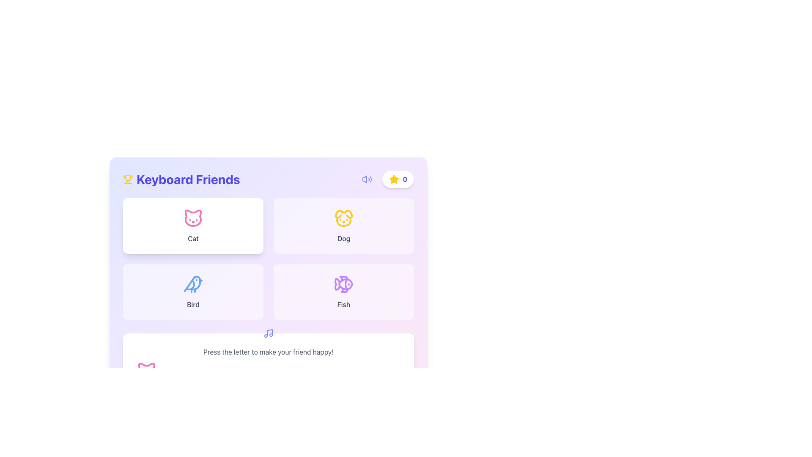 The image size is (812, 457). Describe the element at coordinates (192, 305) in the screenshot. I see `the text label displaying the word 'bird' in a gray color, located in the lower section of a card with a clean, white background and rounded corners` at that location.